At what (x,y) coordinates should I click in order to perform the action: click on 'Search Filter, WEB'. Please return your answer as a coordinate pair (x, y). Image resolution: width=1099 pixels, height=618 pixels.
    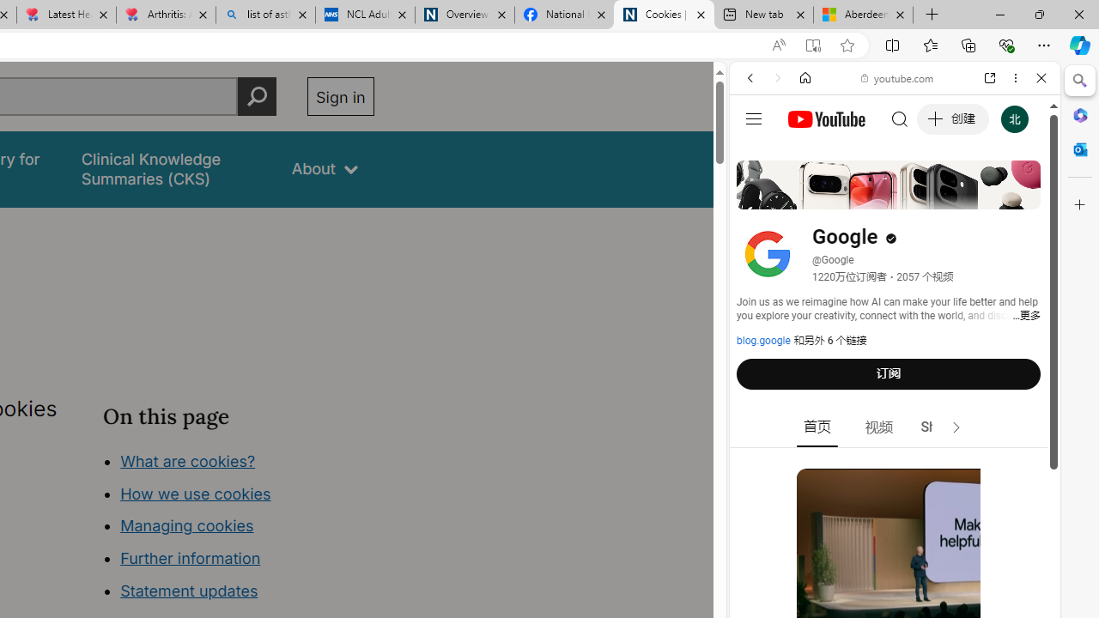
    Looking at the image, I should click on (756, 195).